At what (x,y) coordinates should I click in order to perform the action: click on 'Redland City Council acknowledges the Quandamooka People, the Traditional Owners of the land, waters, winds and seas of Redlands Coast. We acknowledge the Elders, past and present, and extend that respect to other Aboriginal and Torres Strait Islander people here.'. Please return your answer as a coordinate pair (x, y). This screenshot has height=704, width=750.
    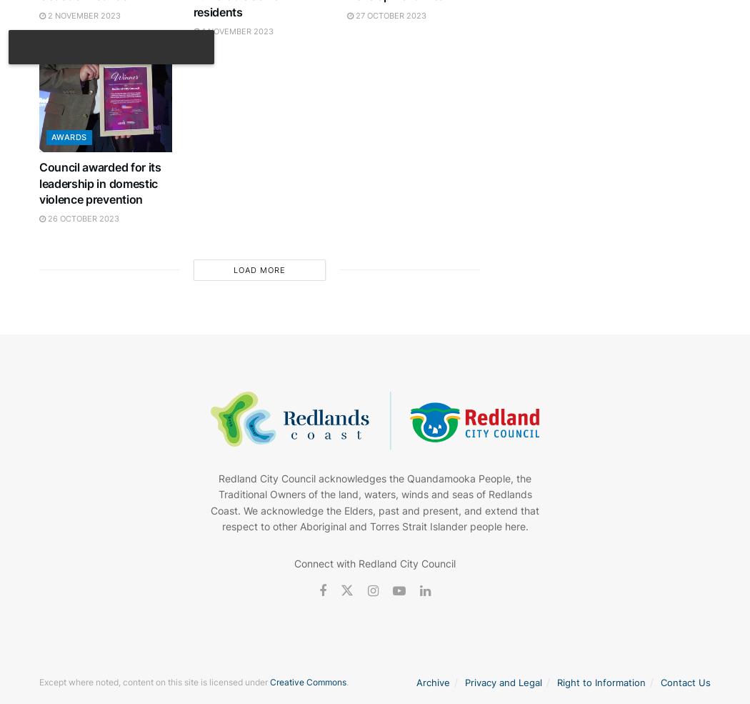
    Looking at the image, I should click on (375, 502).